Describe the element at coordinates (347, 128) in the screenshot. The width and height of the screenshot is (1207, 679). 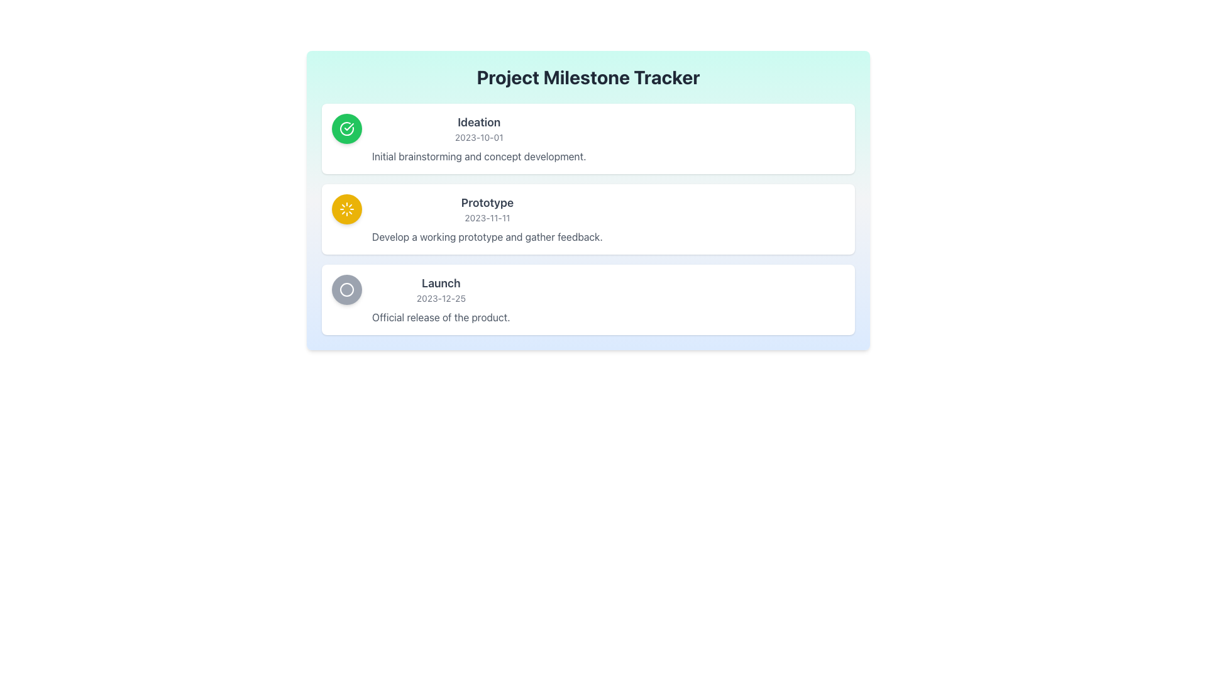
I see `the circular icon with a green background and white checkmark, located in the top-left corner of the 'Ideation' card` at that location.